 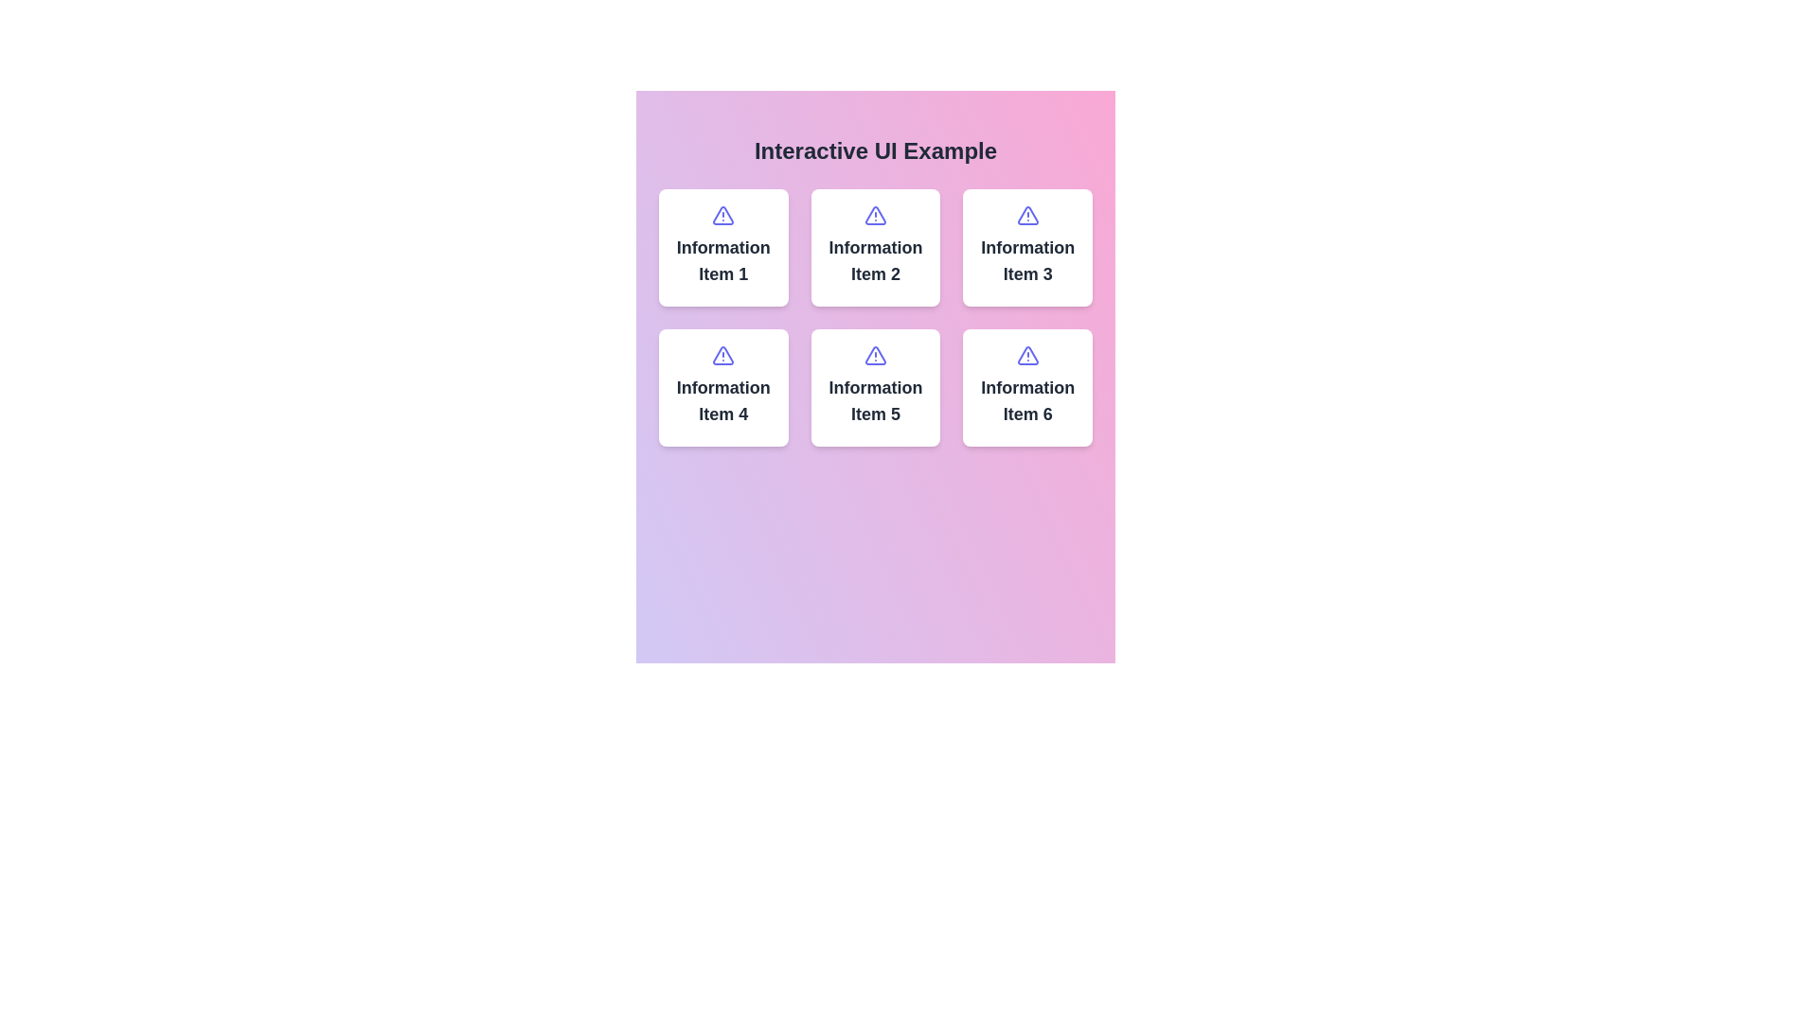 I want to click on the triangular indigo icon with an exclamation mark located in the header area of the sixth card labeled 'Information Item 6', so click(x=1026, y=355).